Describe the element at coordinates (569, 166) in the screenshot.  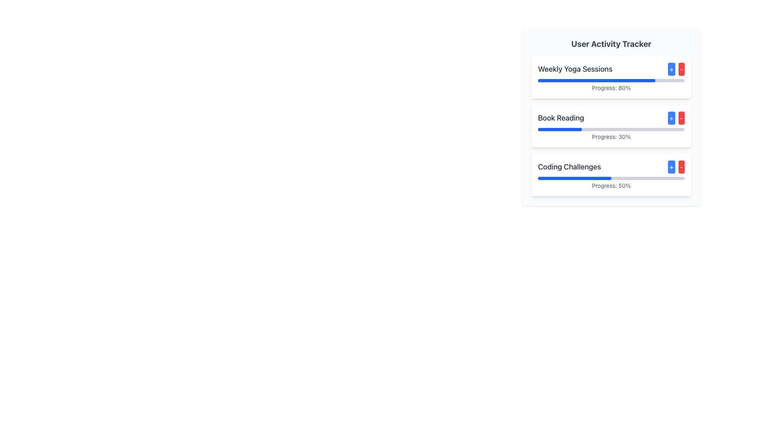
I see `the non-interactive text label that serves as a title for the progress tracker, located in the third card of the vertically stacked list, directly above the progress bar` at that location.